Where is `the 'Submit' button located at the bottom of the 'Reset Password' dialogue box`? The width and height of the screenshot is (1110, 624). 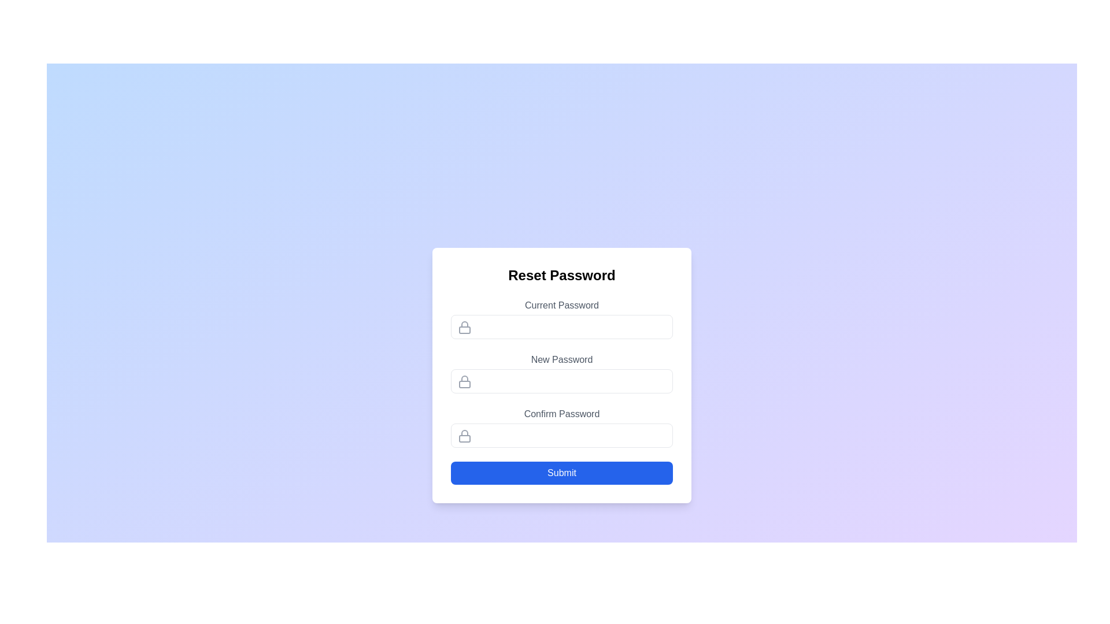
the 'Submit' button located at the bottom of the 'Reset Password' dialogue box is located at coordinates (561, 473).